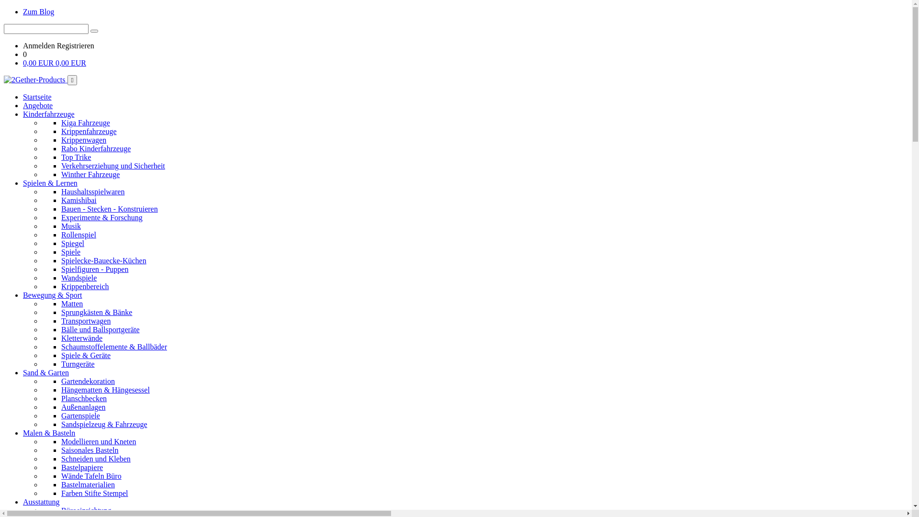 This screenshot has width=919, height=517. What do you see at coordinates (85, 286) in the screenshot?
I see `'Krippenbereich'` at bounding box center [85, 286].